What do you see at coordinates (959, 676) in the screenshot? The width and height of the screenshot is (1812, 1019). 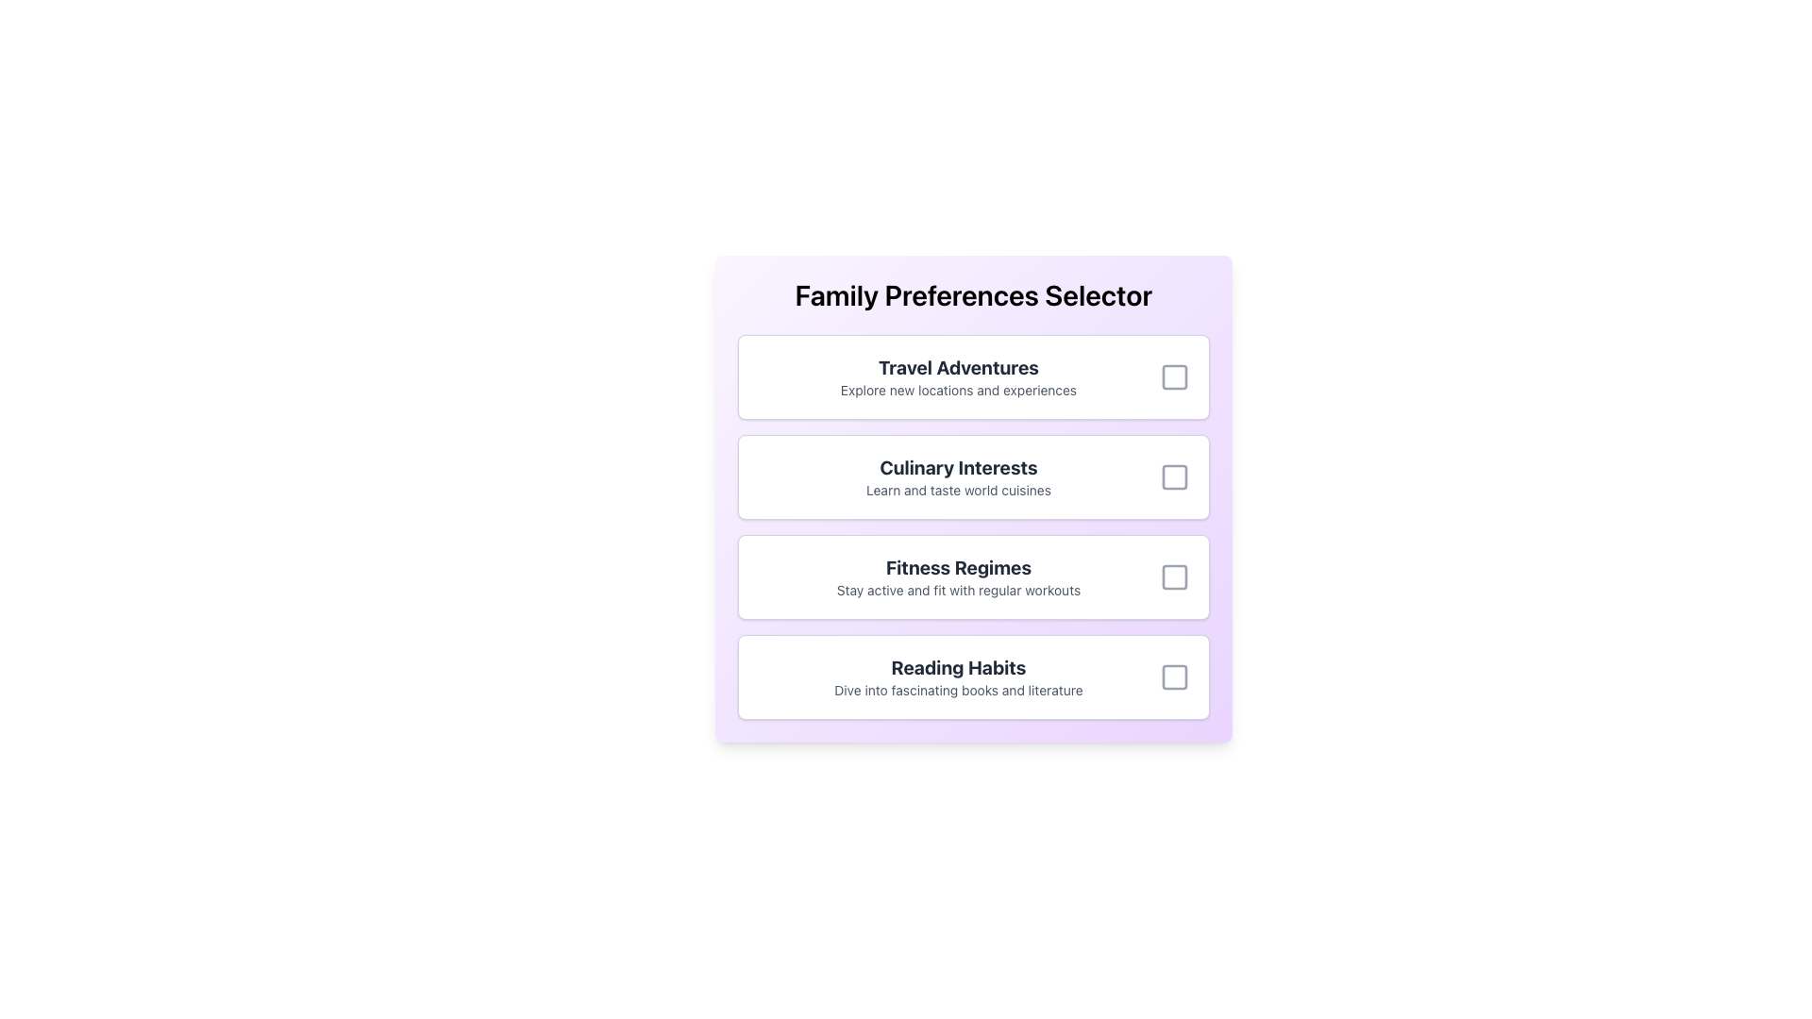 I see `the text label displaying the title and description for the selectable preference option related to reading habits, located in the 'Family Preferences Selector' section, positioned below 'Fitness Regimes'` at bounding box center [959, 676].